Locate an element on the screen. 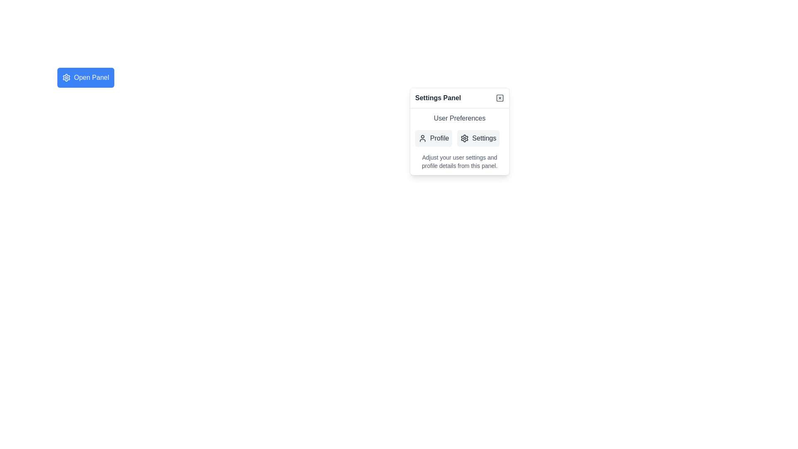  the 'Settings Panel' static text label located at the top of the settings card, which is styled with a bold font and positioned towards the left in the header section is located at coordinates (438, 97).